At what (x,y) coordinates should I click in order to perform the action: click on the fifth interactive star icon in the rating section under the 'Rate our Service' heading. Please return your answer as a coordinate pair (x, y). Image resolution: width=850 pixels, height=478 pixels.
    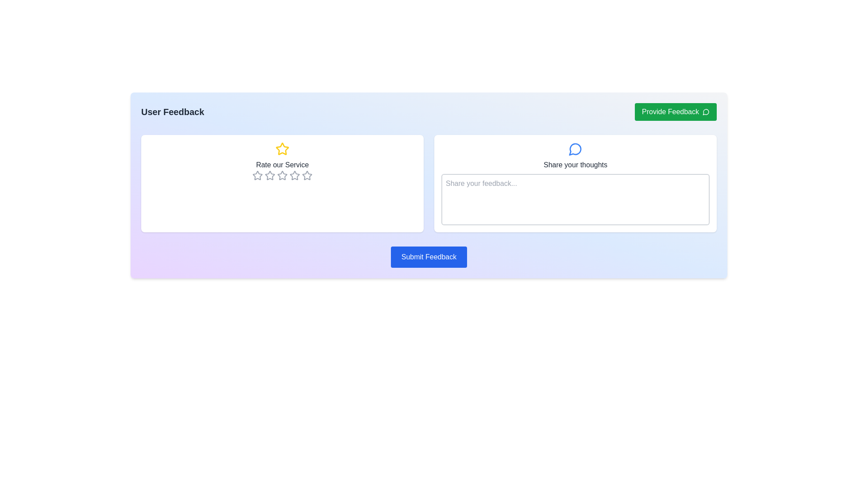
    Looking at the image, I should click on (307, 176).